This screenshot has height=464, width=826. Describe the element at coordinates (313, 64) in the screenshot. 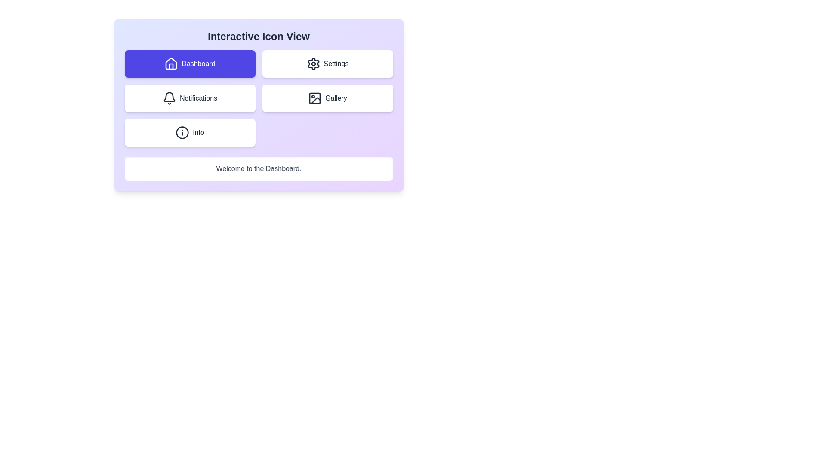

I see `the gear-shaped icon representing settings located` at that location.